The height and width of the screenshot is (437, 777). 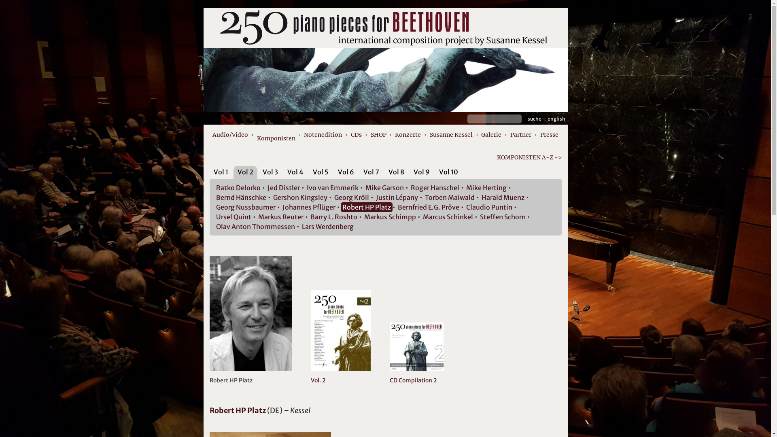 I want to click on 'Jed Distler', so click(x=283, y=187).